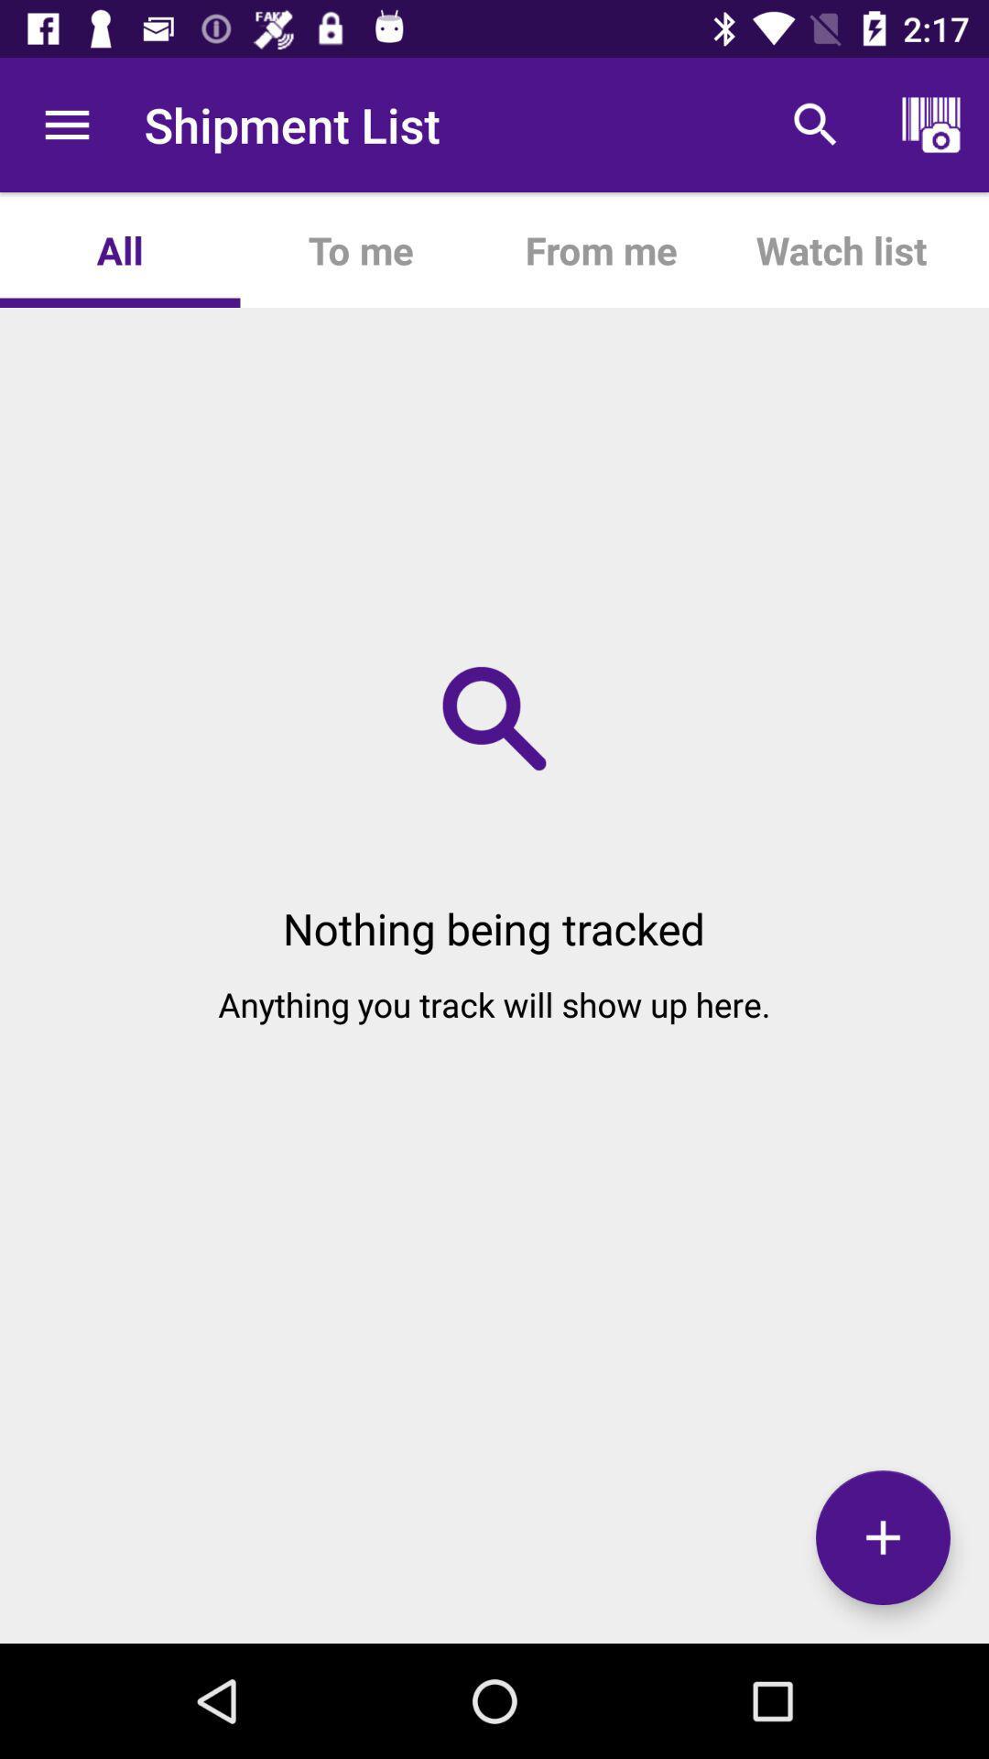  I want to click on the icon next to the to me app, so click(120, 249).